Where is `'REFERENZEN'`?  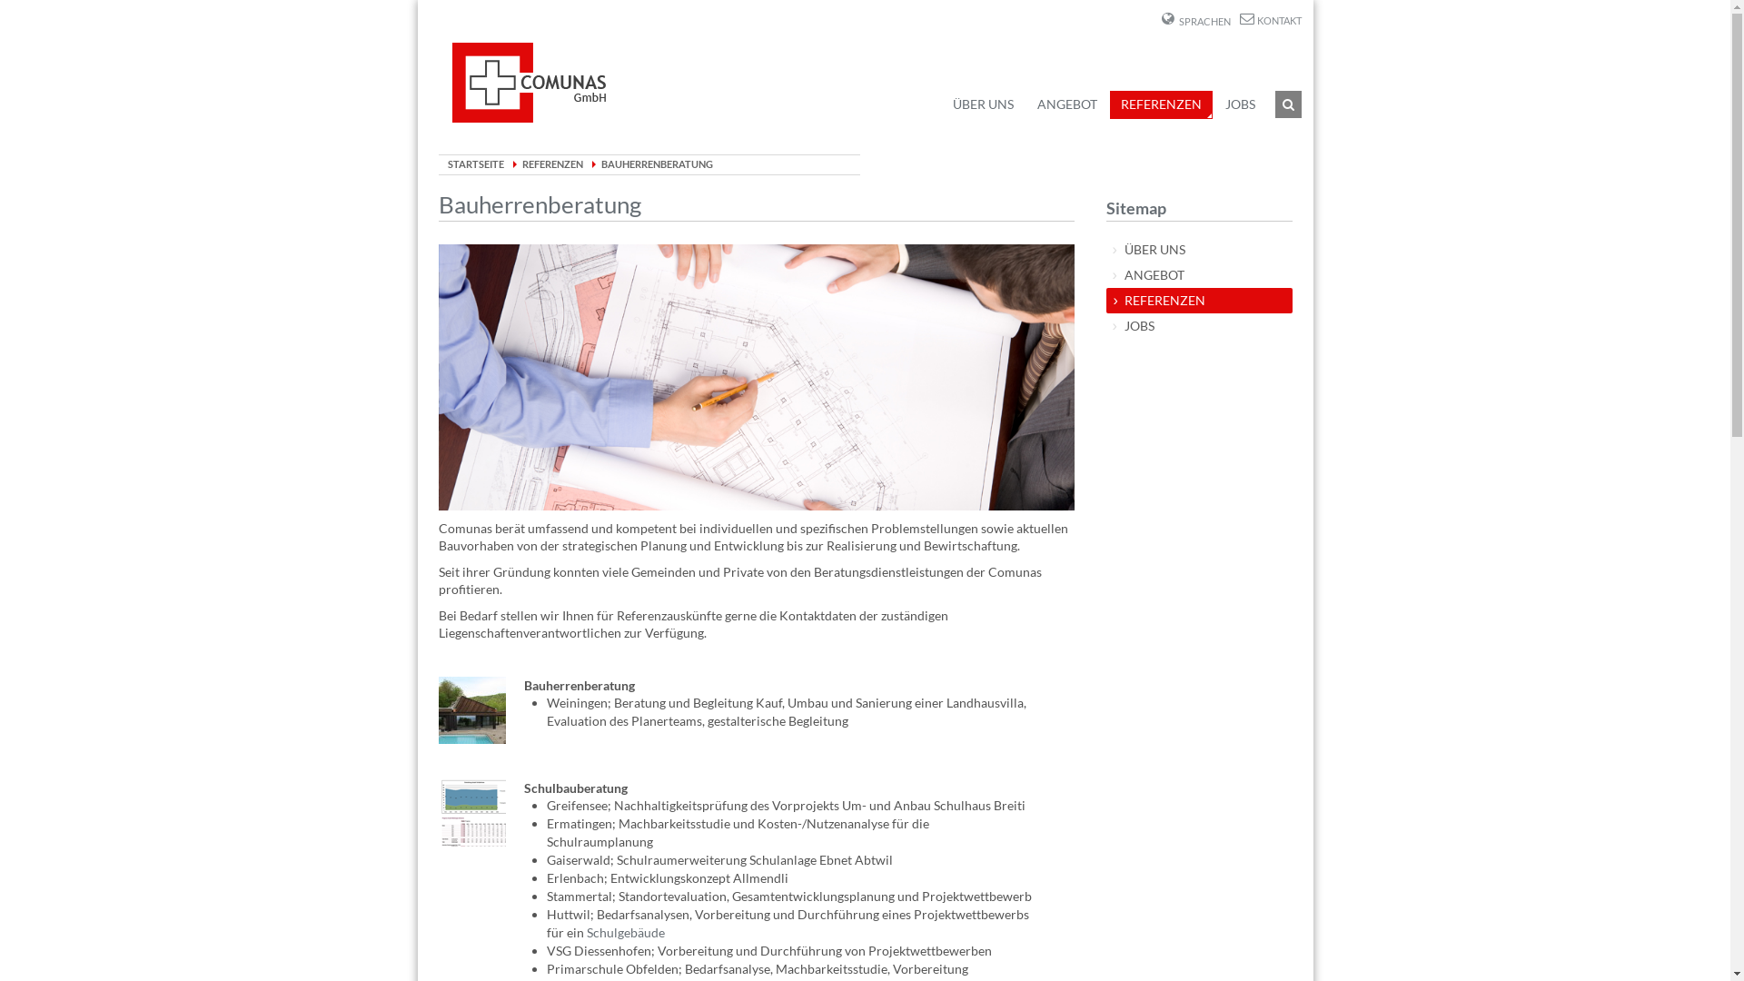 'REFERENZEN' is located at coordinates (550, 163).